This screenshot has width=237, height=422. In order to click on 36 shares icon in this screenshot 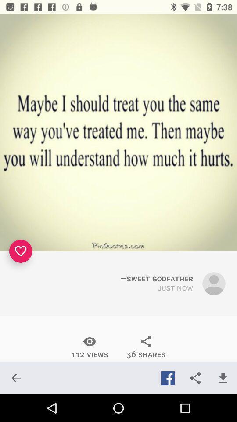, I will do `click(146, 347)`.